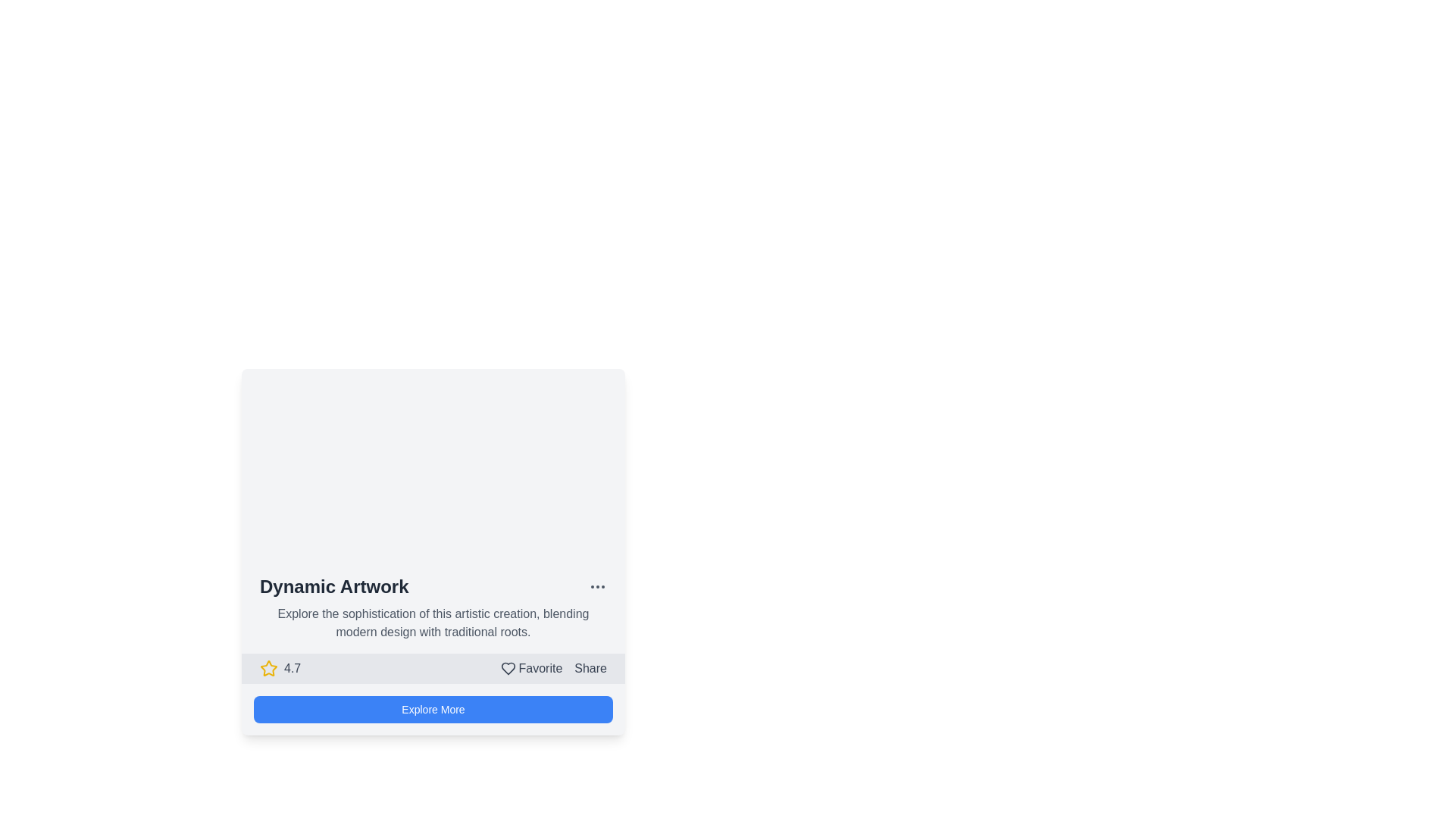 The image size is (1455, 818). Describe the element at coordinates (432, 607) in the screenshot. I see `the informational text block titled 'Dynamic Artwork' to activate potential UI effects like tooltips` at that location.